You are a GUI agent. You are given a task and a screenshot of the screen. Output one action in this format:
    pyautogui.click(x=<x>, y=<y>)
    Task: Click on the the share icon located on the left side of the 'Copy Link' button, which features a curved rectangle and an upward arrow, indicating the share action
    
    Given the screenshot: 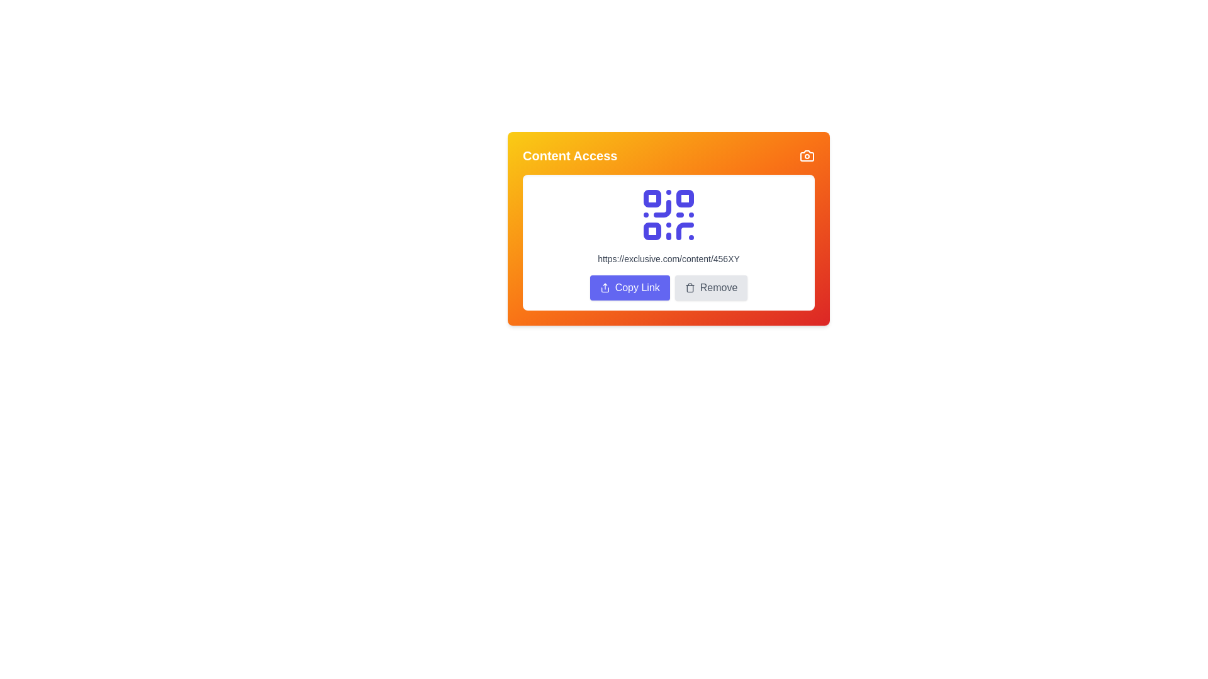 What is the action you would take?
    pyautogui.click(x=605, y=288)
    